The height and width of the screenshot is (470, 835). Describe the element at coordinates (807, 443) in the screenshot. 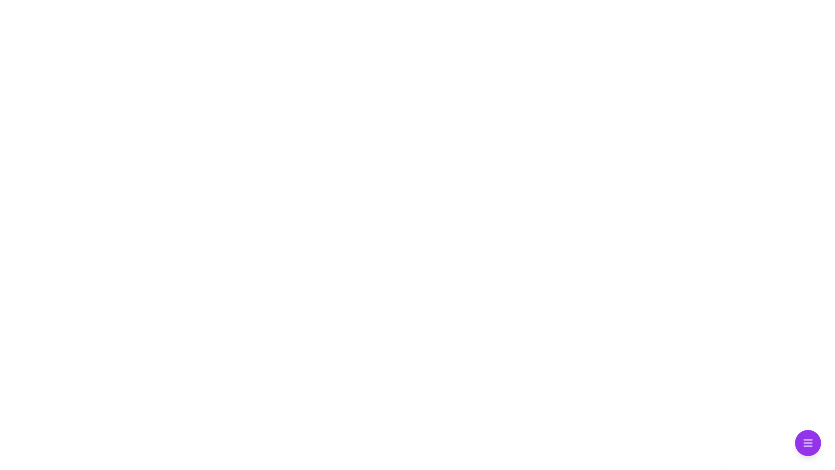

I see `the purple button to toggle the visibility of the speed dial menu` at that location.